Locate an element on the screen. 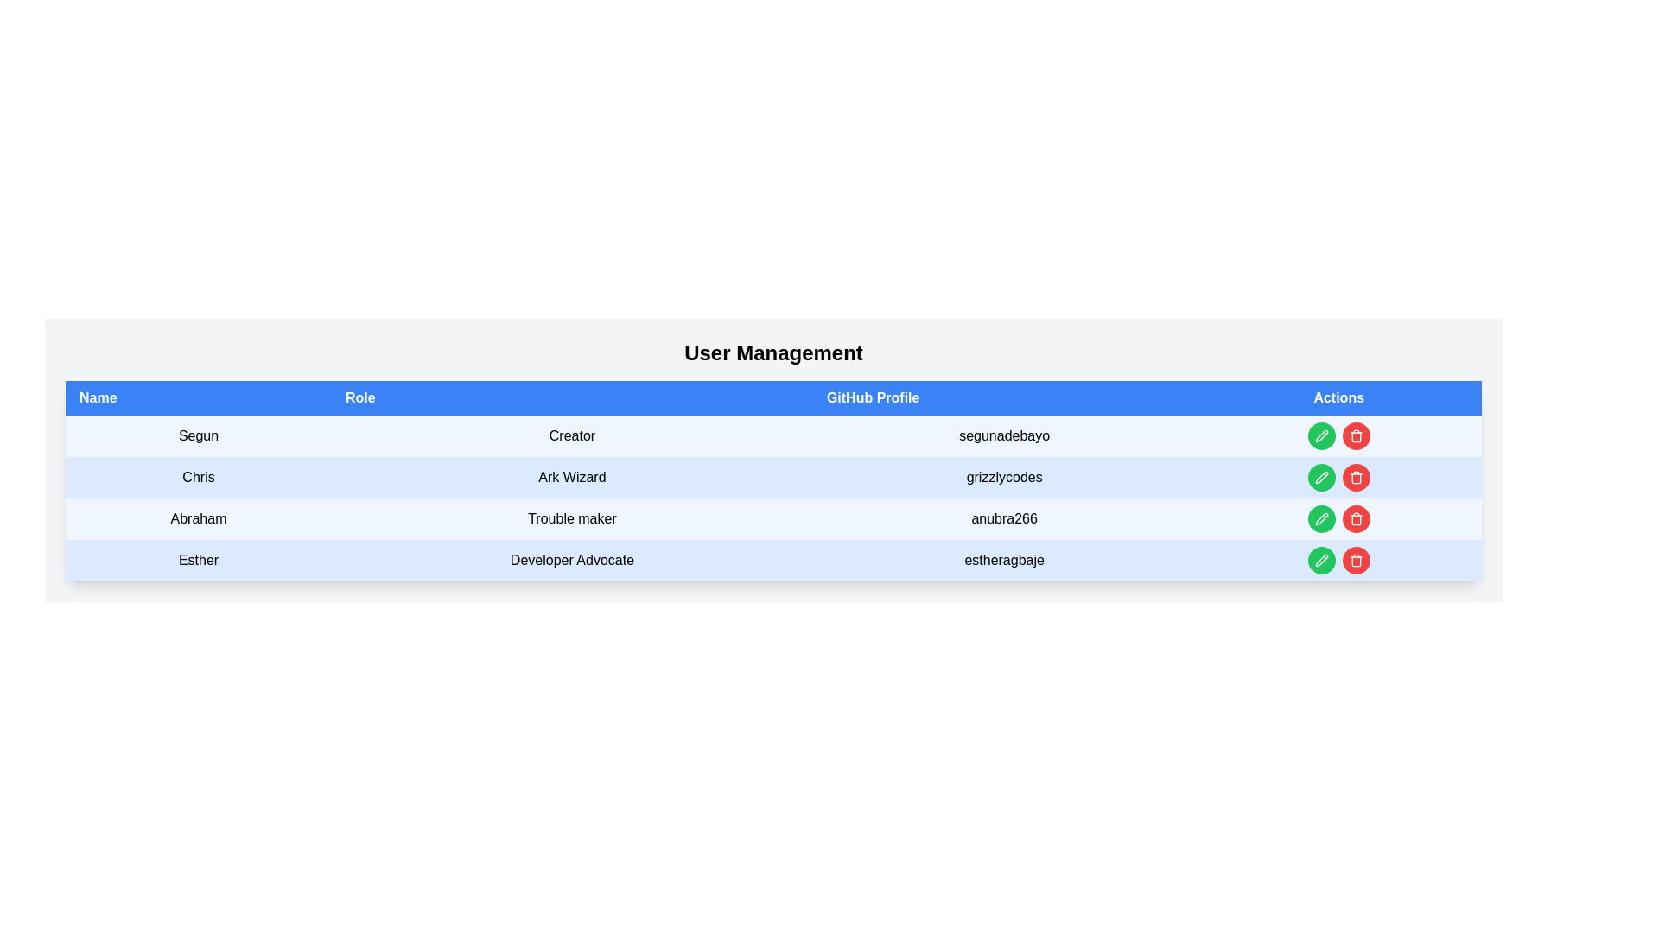 This screenshot has height=933, width=1659. the text label indicating the name 'segunadebayo' in the user management interface, located in the first row of the table under the 'Name' column, horizontally aligned with the 'Creator' role is located at coordinates (199, 435).